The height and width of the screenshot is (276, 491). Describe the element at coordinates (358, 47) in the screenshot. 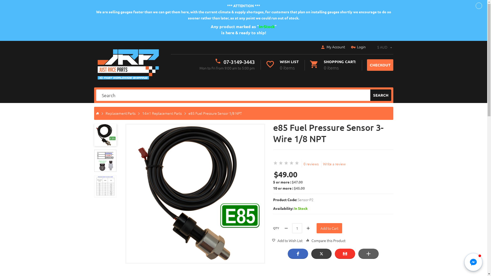

I see `'Login'` at that location.